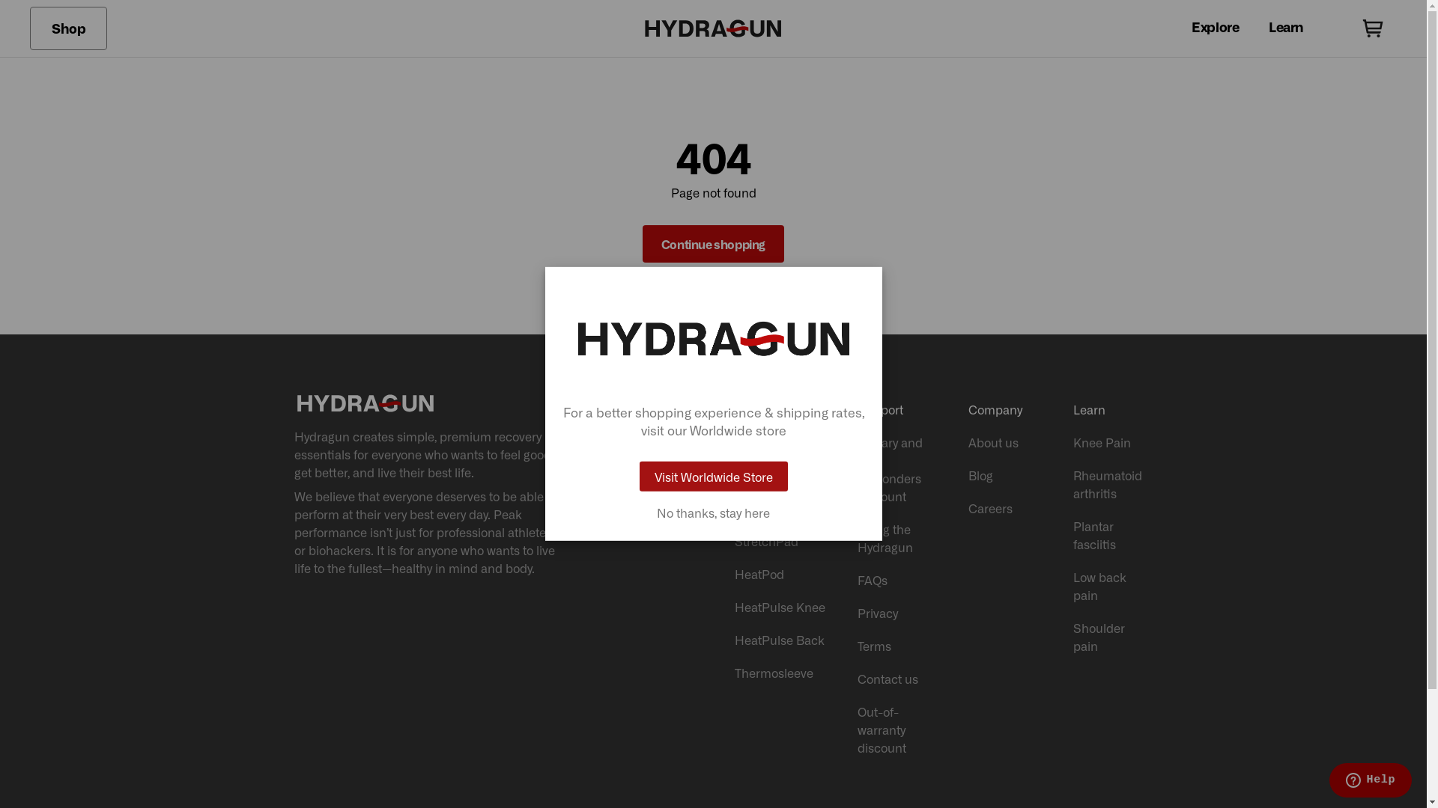  What do you see at coordinates (643, 243) in the screenshot?
I see `'Continue shopping'` at bounding box center [643, 243].